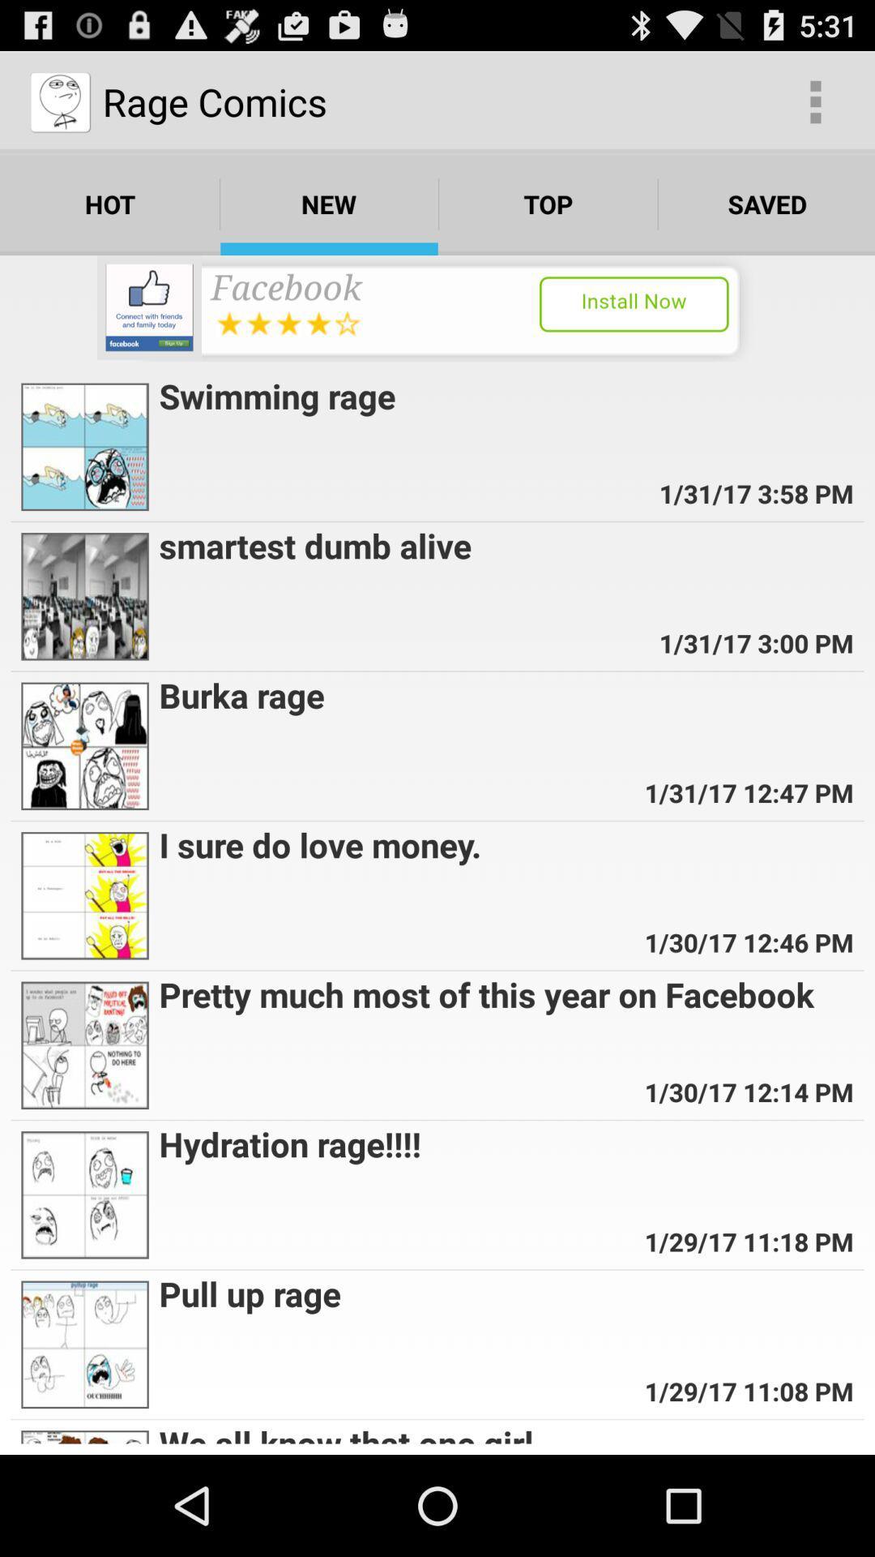 The width and height of the screenshot is (875, 1557). I want to click on click install, so click(437, 308).